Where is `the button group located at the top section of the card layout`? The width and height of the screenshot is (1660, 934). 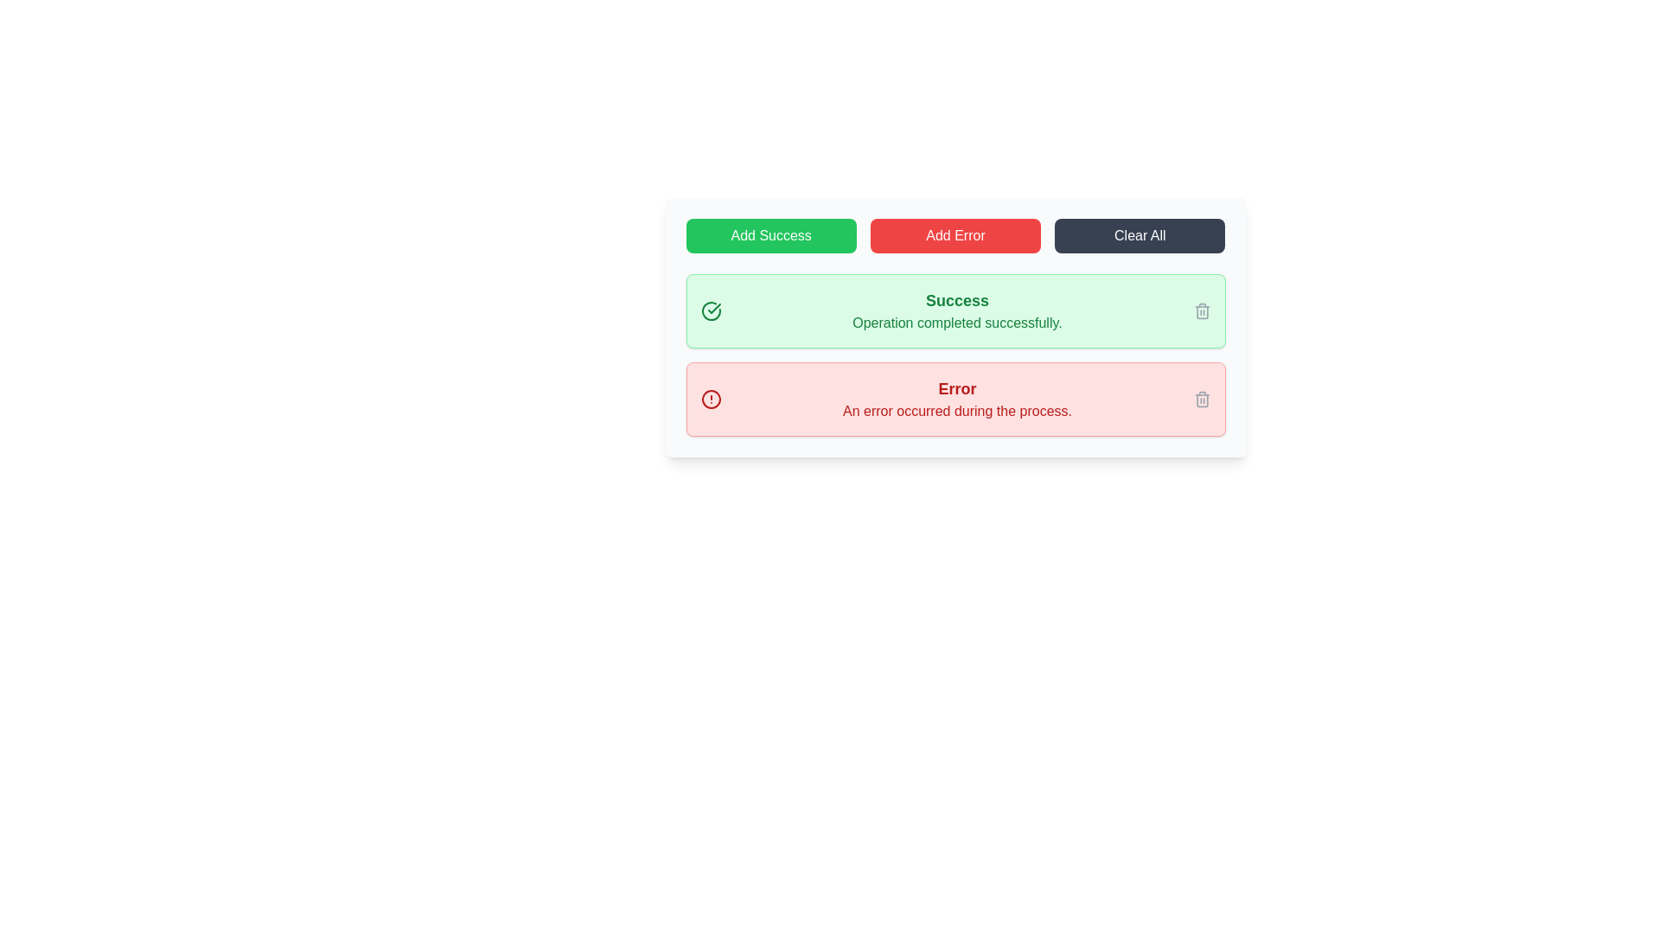 the button group located at the top section of the card layout is located at coordinates (954, 236).